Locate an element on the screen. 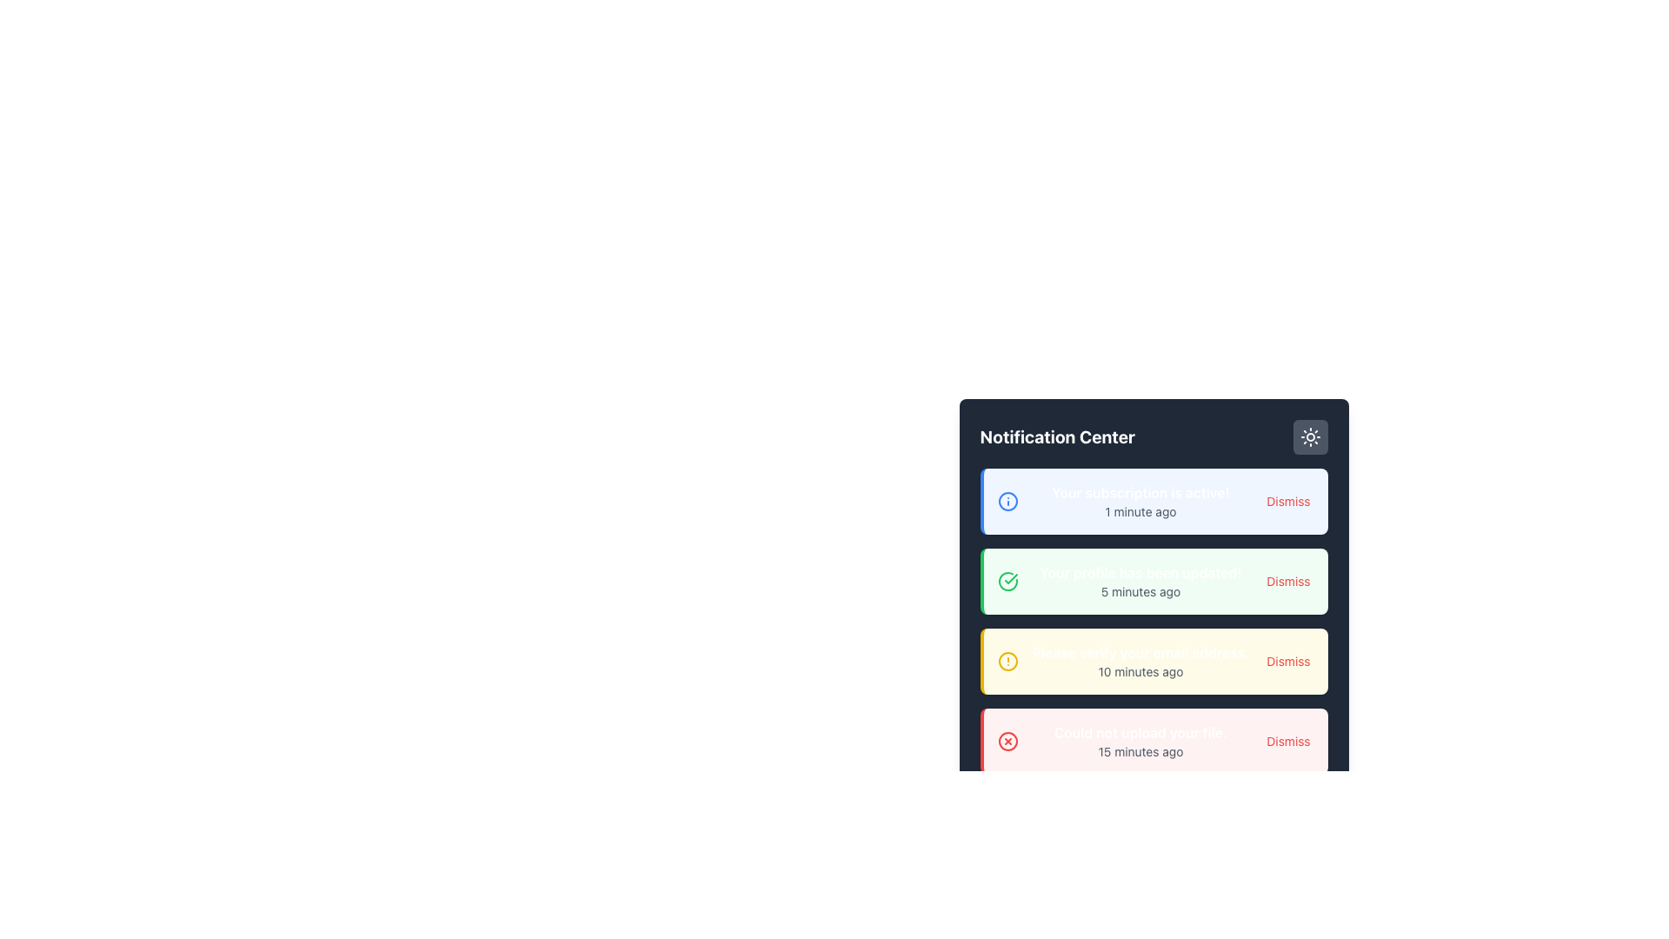  the 'Dismiss' button on the third notification card with a yellow background in the Notification Center is located at coordinates (1154, 661).